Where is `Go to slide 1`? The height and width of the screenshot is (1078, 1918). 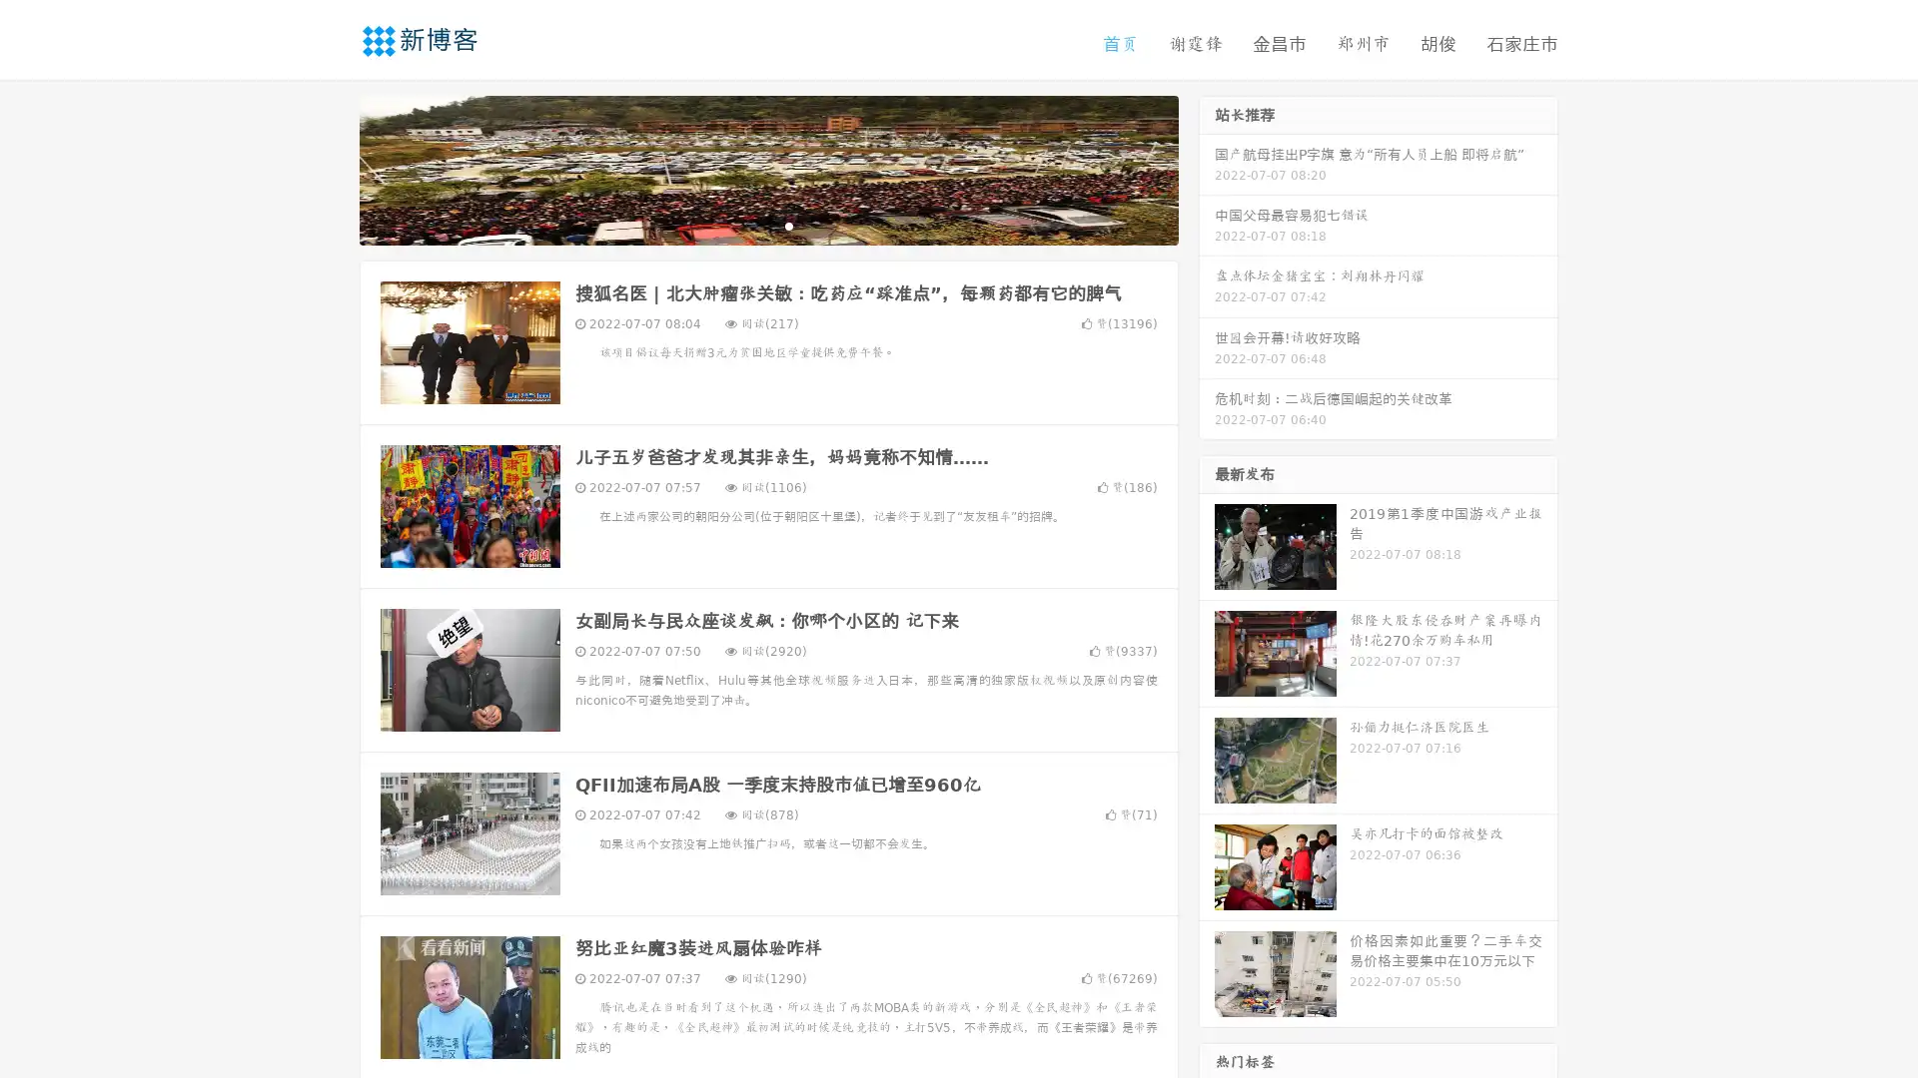
Go to slide 1 is located at coordinates (747, 225).